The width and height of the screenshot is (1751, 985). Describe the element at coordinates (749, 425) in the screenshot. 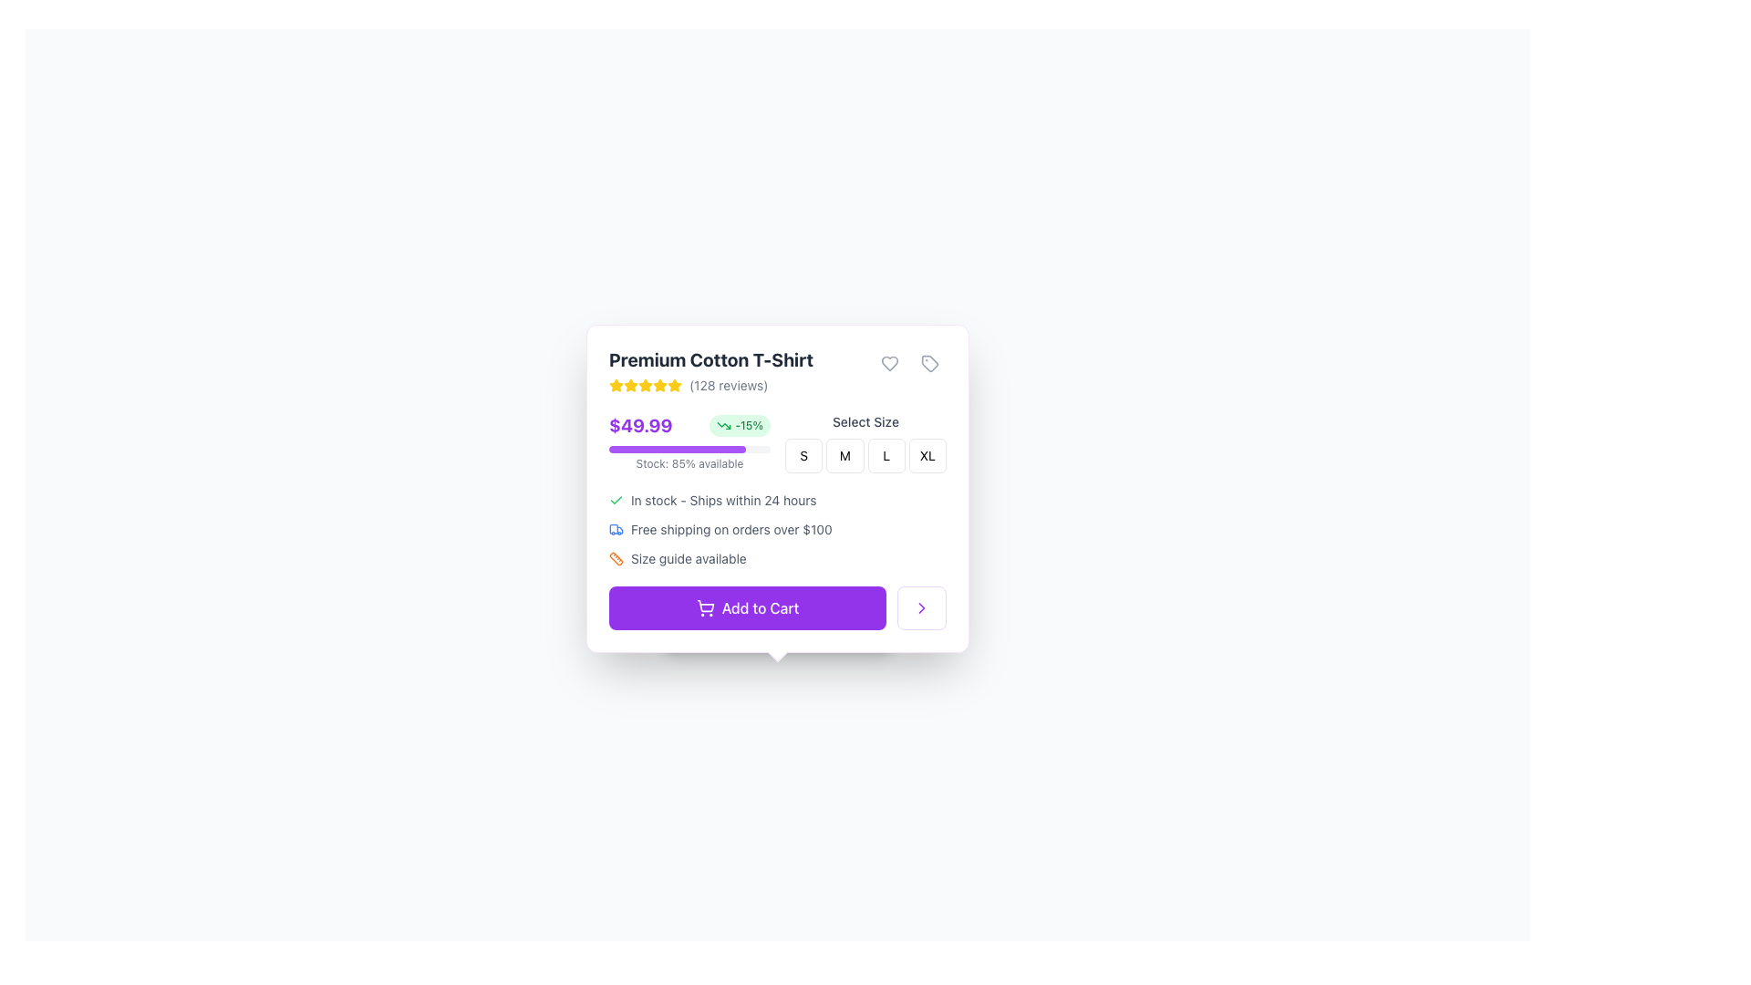

I see `the green discount text label reading '-15%'` at that location.